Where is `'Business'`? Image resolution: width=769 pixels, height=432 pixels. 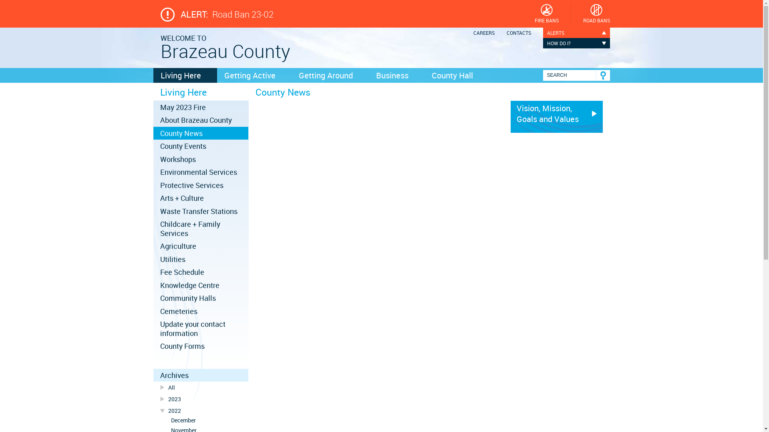
'Business' is located at coordinates (396, 75).